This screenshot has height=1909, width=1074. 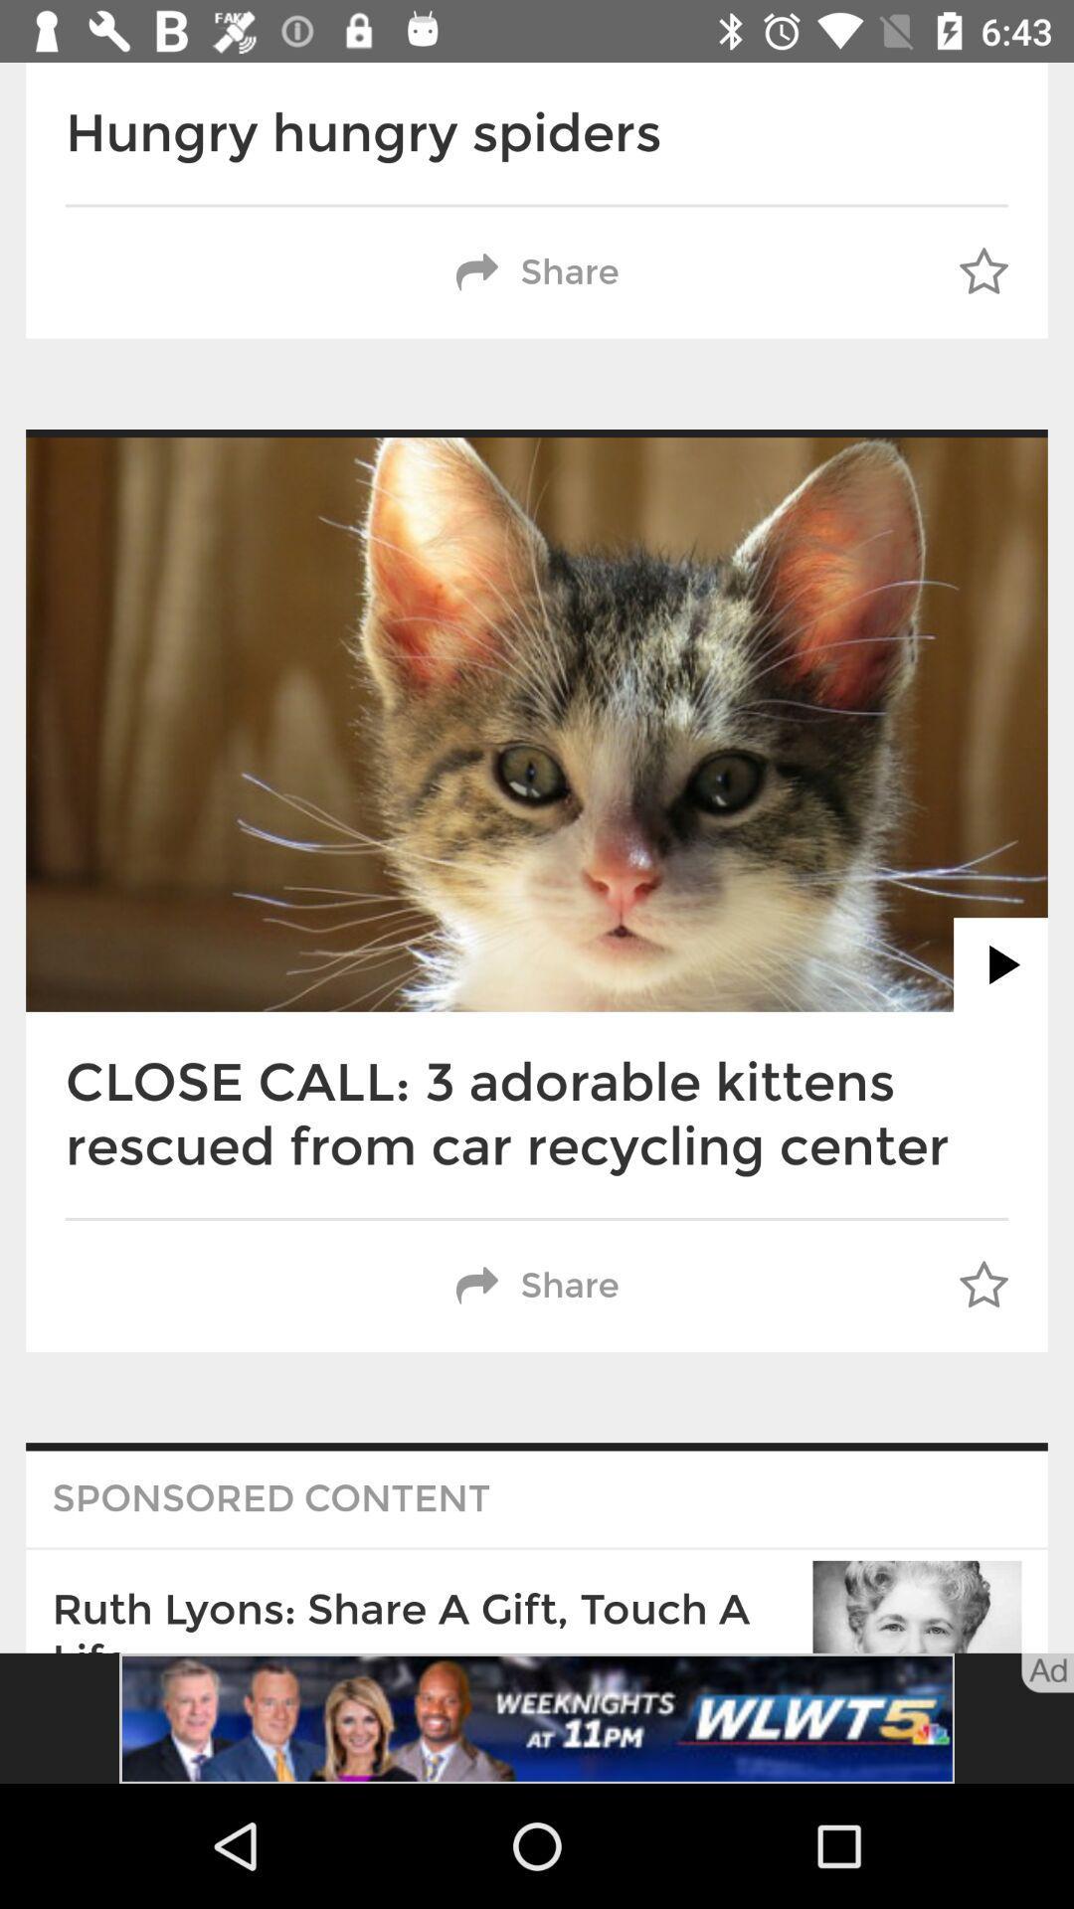 What do you see at coordinates (537, 1717) in the screenshot?
I see `the advertisement` at bounding box center [537, 1717].